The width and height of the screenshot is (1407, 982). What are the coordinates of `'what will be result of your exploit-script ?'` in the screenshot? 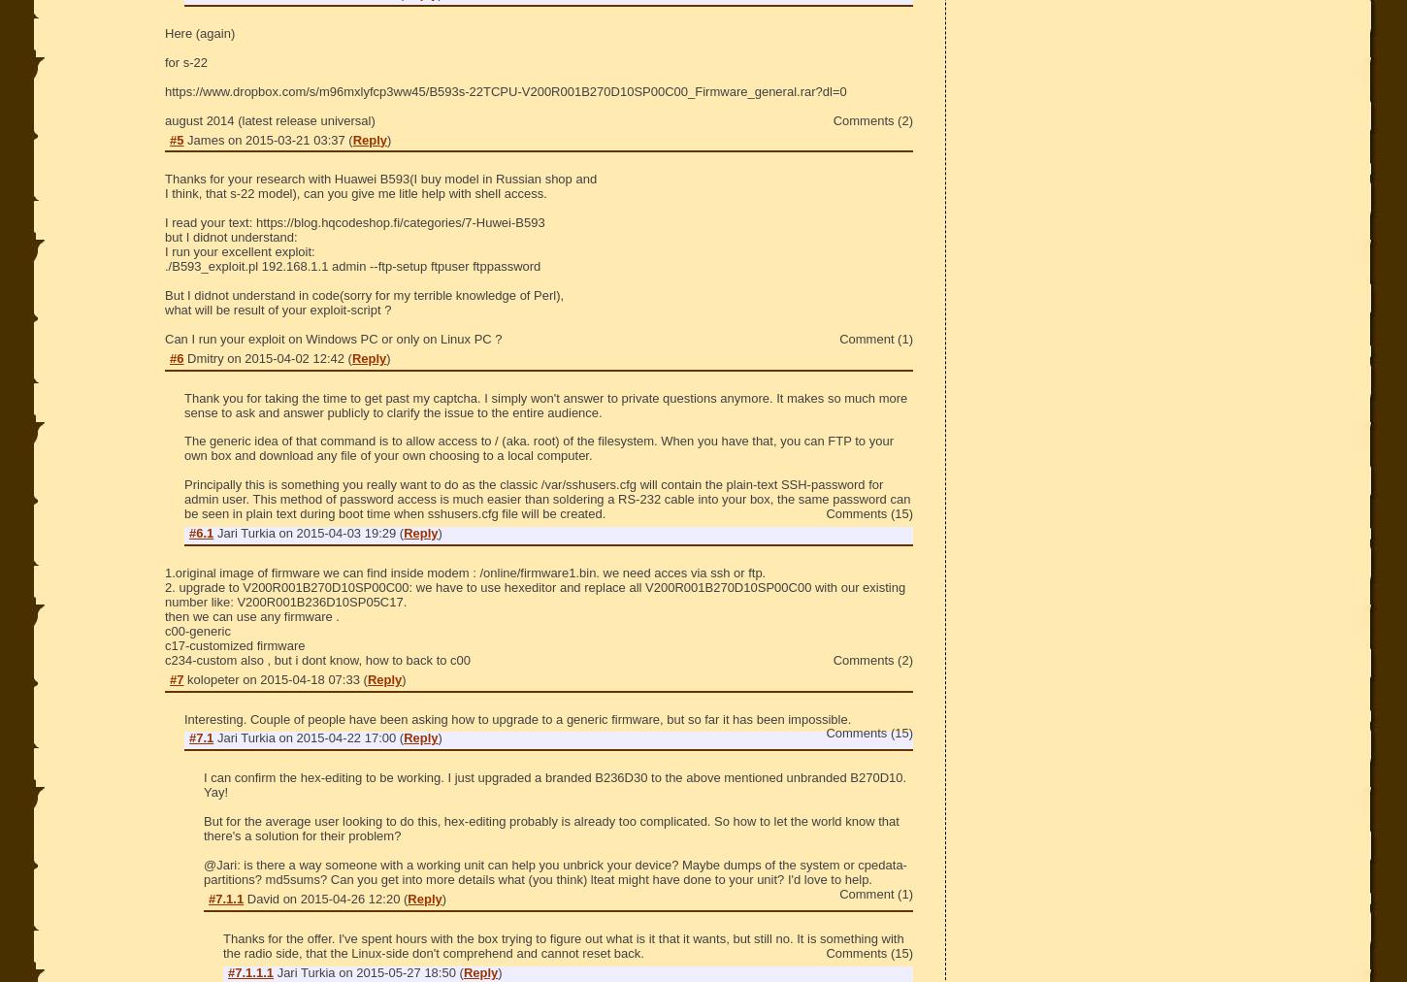 It's located at (278, 308).